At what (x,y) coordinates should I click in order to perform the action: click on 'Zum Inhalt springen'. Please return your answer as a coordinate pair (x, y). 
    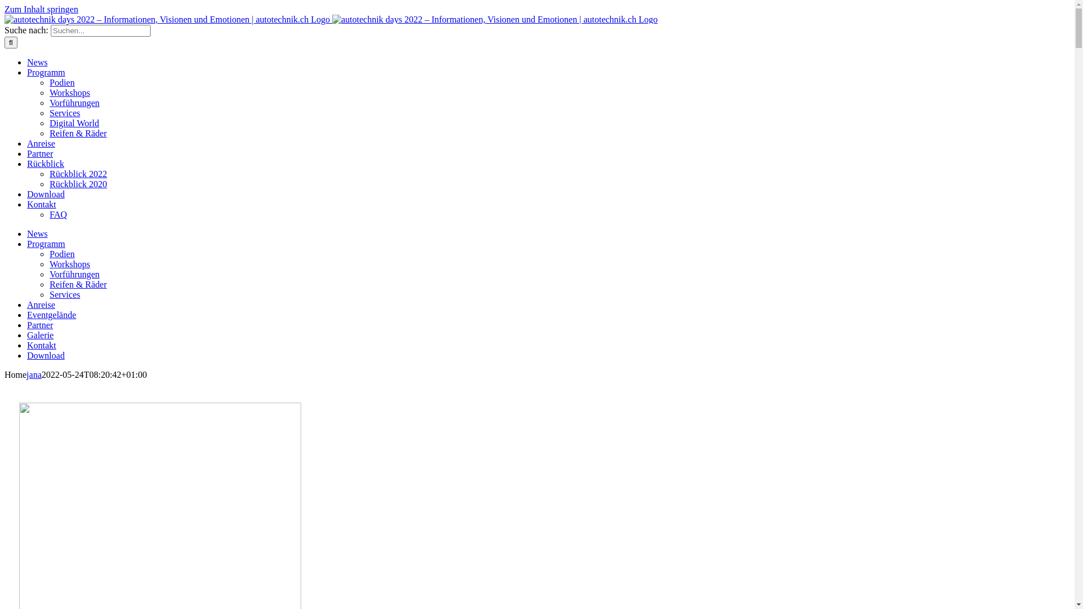
    Looking at the image, I should click on (41, 9).